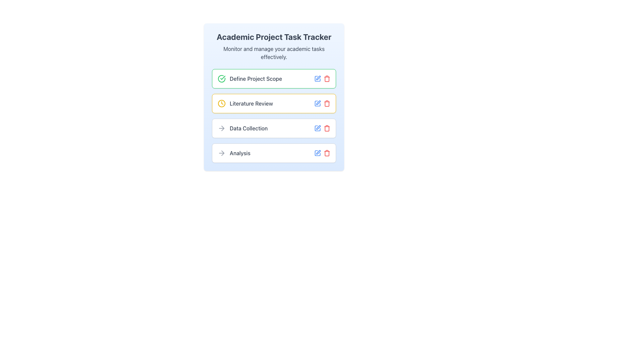 The image size is (644, 362). I want to click on the navigation icon located to the left of the text label in the 'Analysis' row, so click(222, 153).